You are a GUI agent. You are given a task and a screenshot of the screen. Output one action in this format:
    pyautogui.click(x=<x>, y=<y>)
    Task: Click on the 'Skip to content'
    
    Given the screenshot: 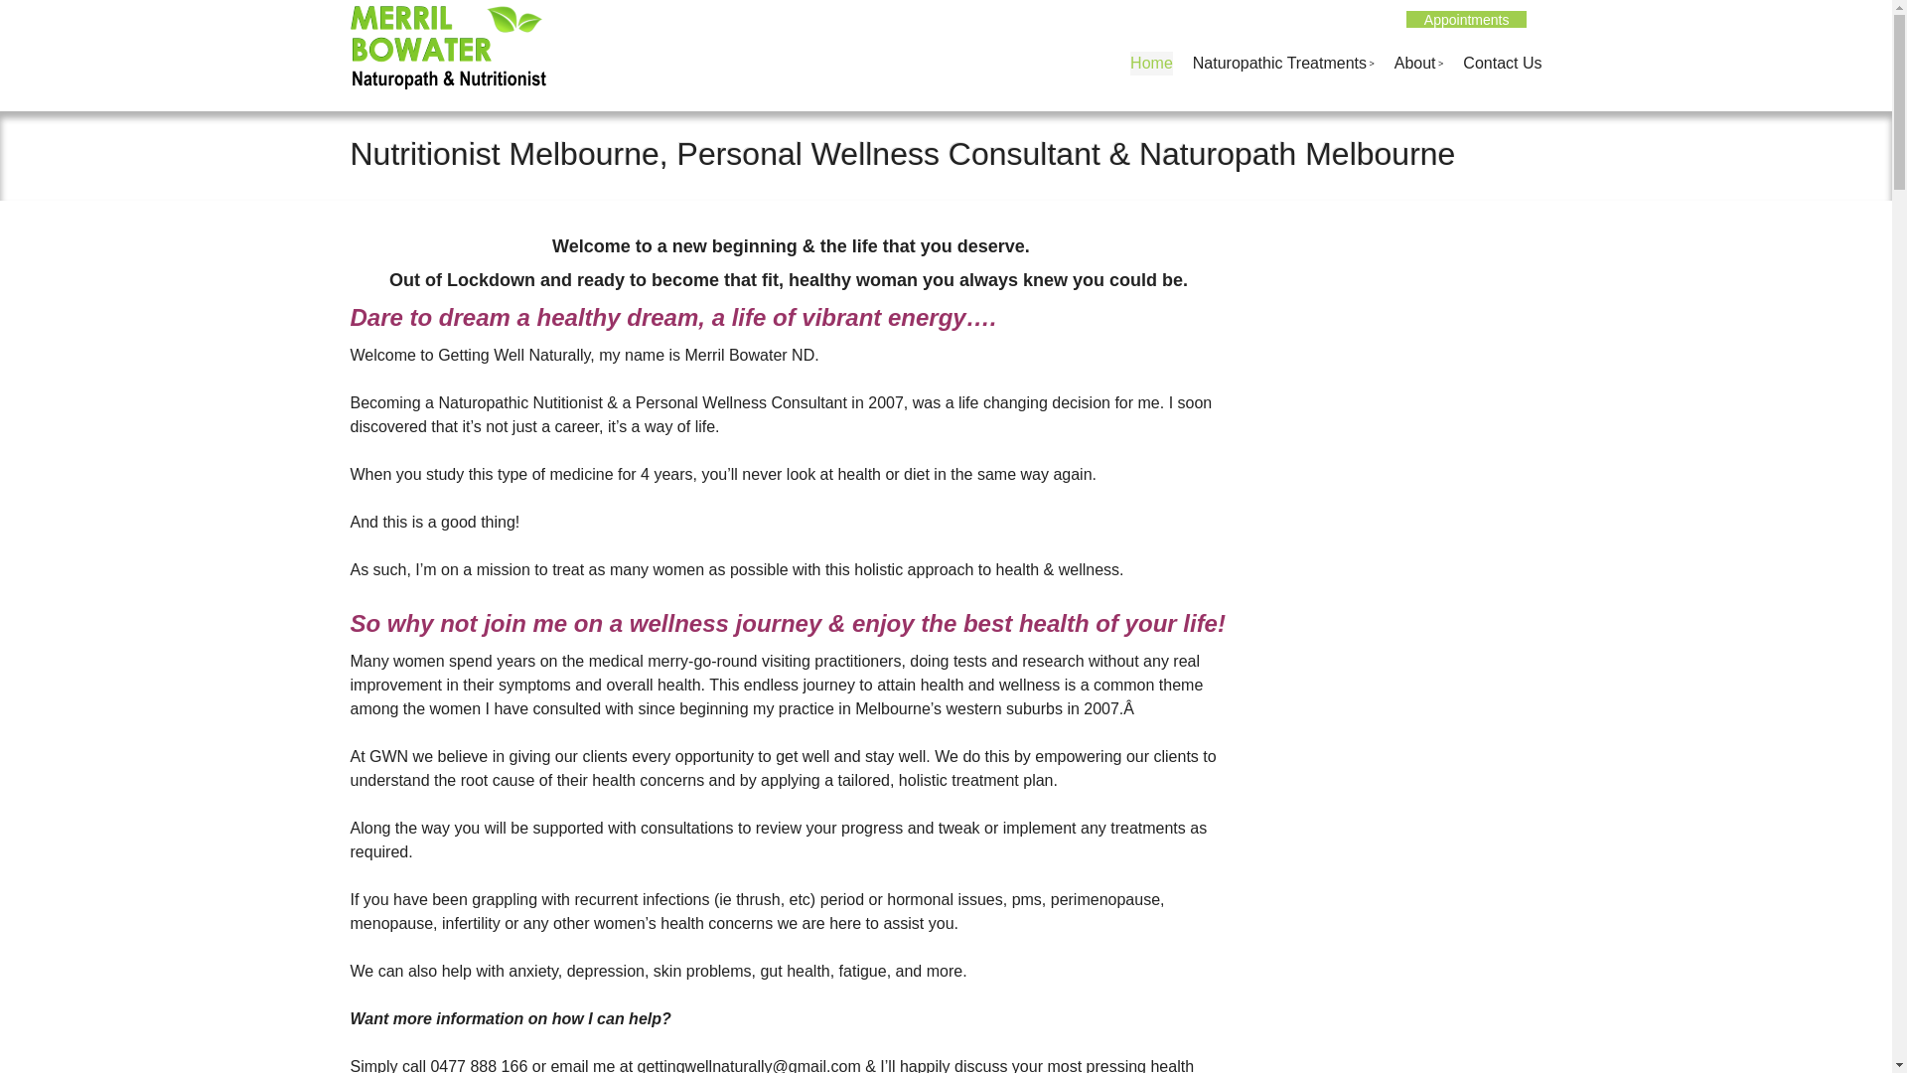 What is the action you would take?
    pyautogui.click(x=1163, y=63)
    